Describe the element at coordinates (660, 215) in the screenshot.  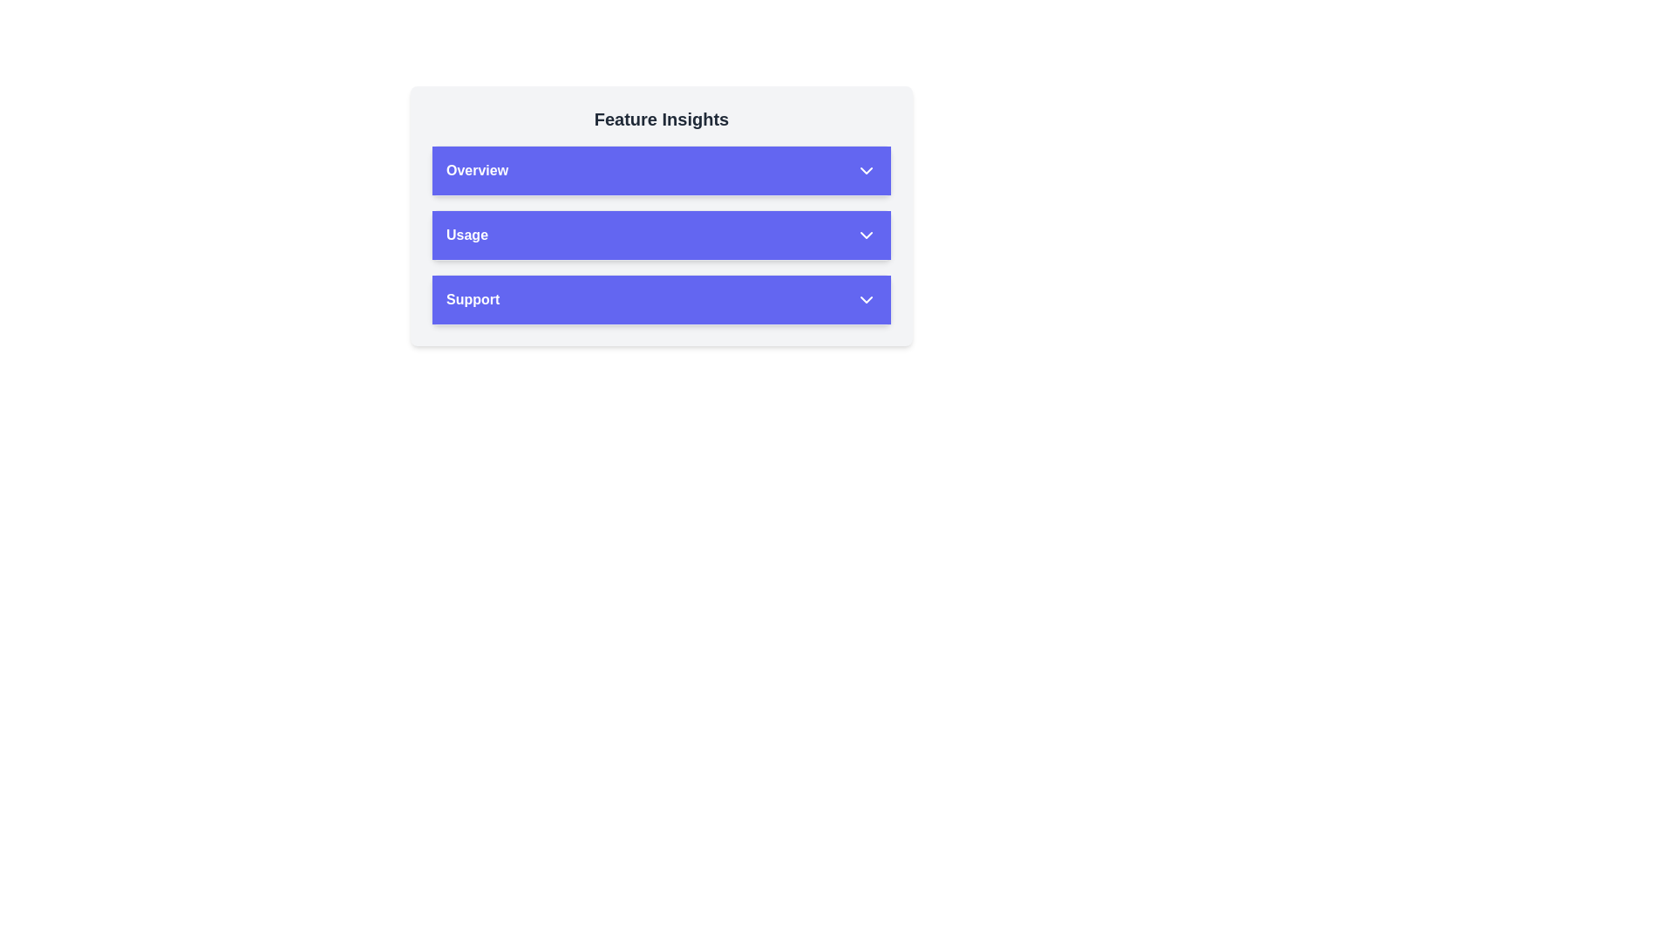
I see `the second button in the group of three buttons beneath the heading 'Feature Insights'` at that location.